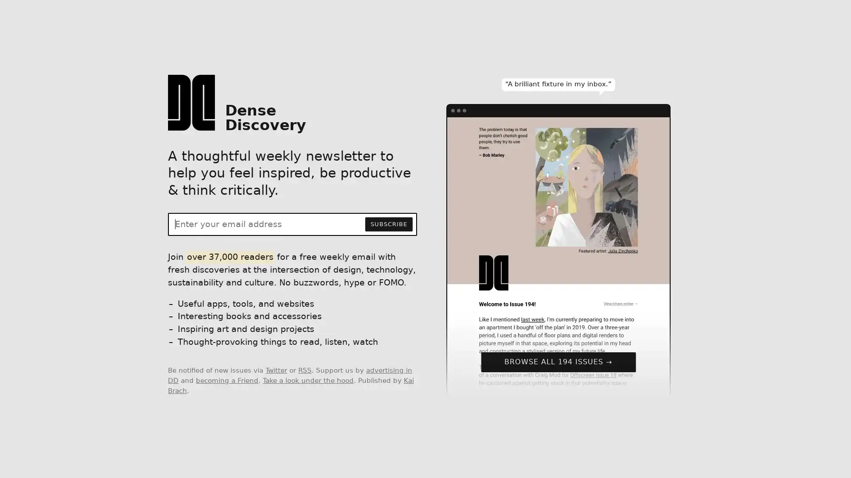  Describe the element at coordinates (389, 223) in the screenshot. I see `SUBSCRIBE` at that location.